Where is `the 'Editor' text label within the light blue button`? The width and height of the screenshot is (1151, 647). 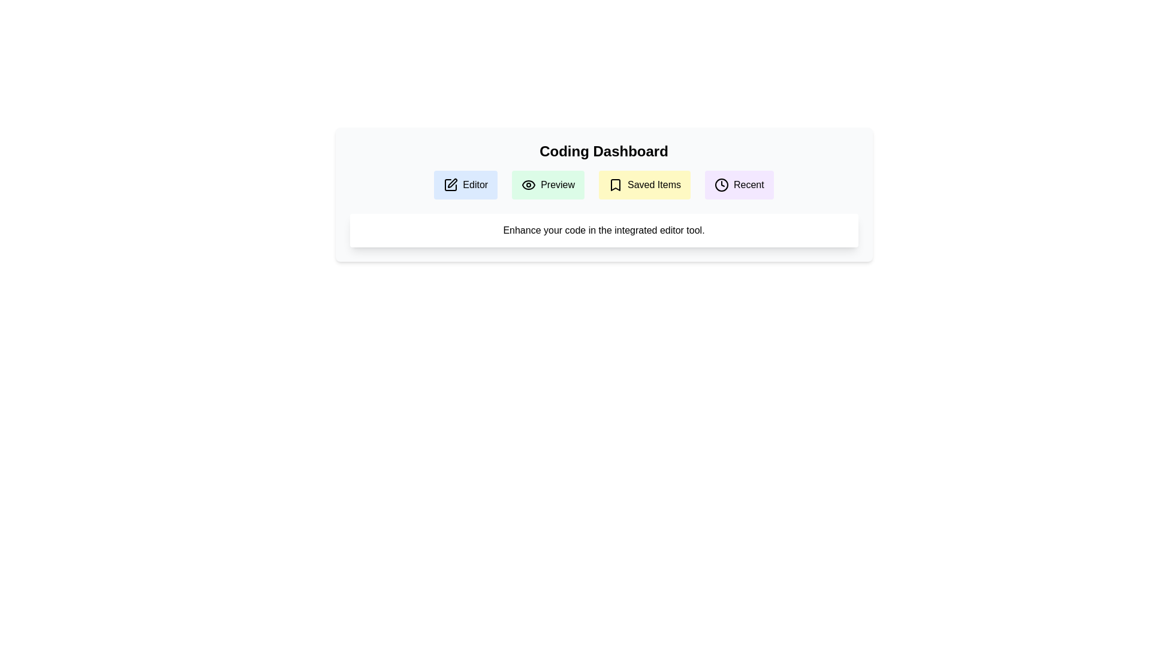
the 'Editor' text label within the light blue button is located at coordinates (475, 185).